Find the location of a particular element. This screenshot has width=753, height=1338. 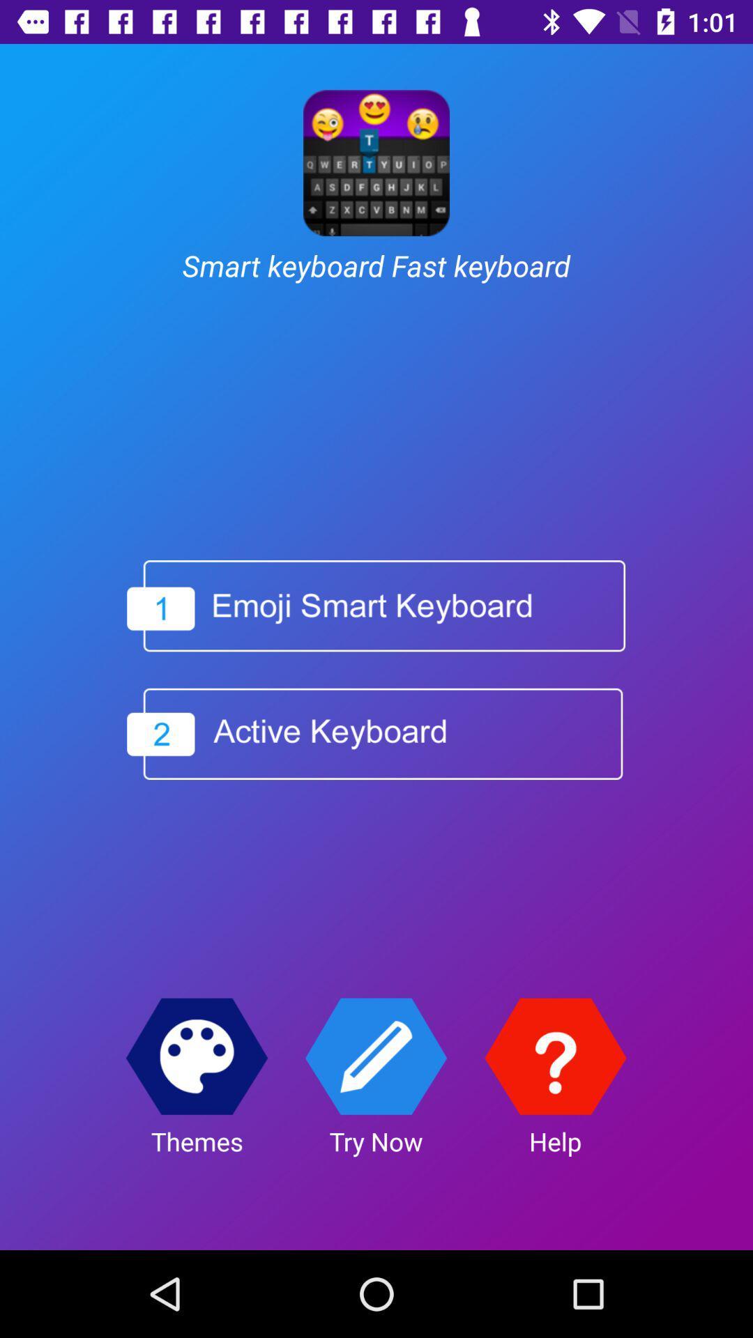

option is located at coordinates (374, 733).